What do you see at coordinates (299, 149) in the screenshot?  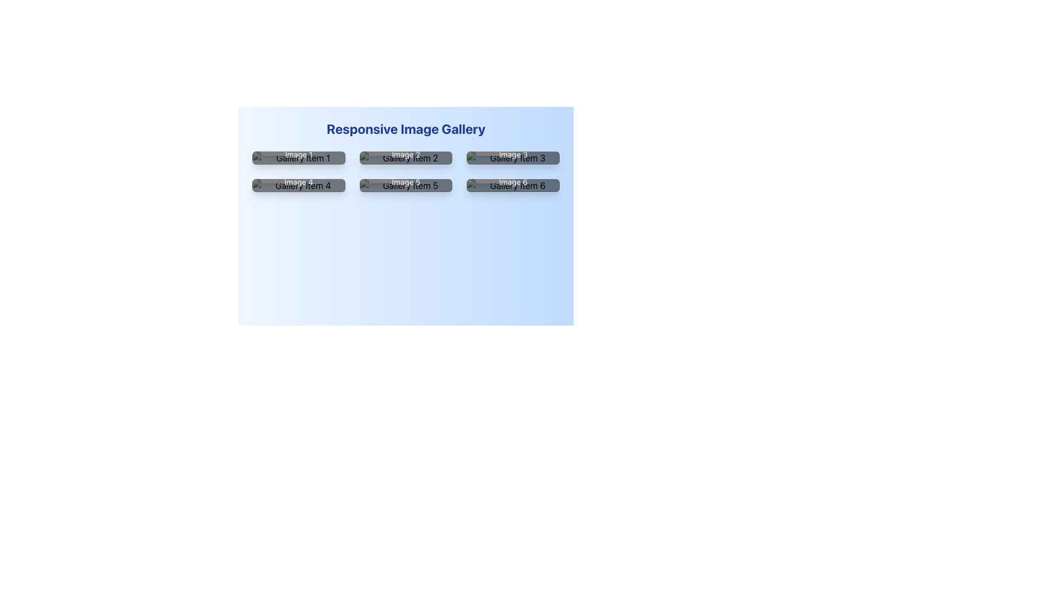 I see `the text overlay that displays 'Description for Image 1' at the bottom of the first image in the gallery` at bounding box center [299, 149].